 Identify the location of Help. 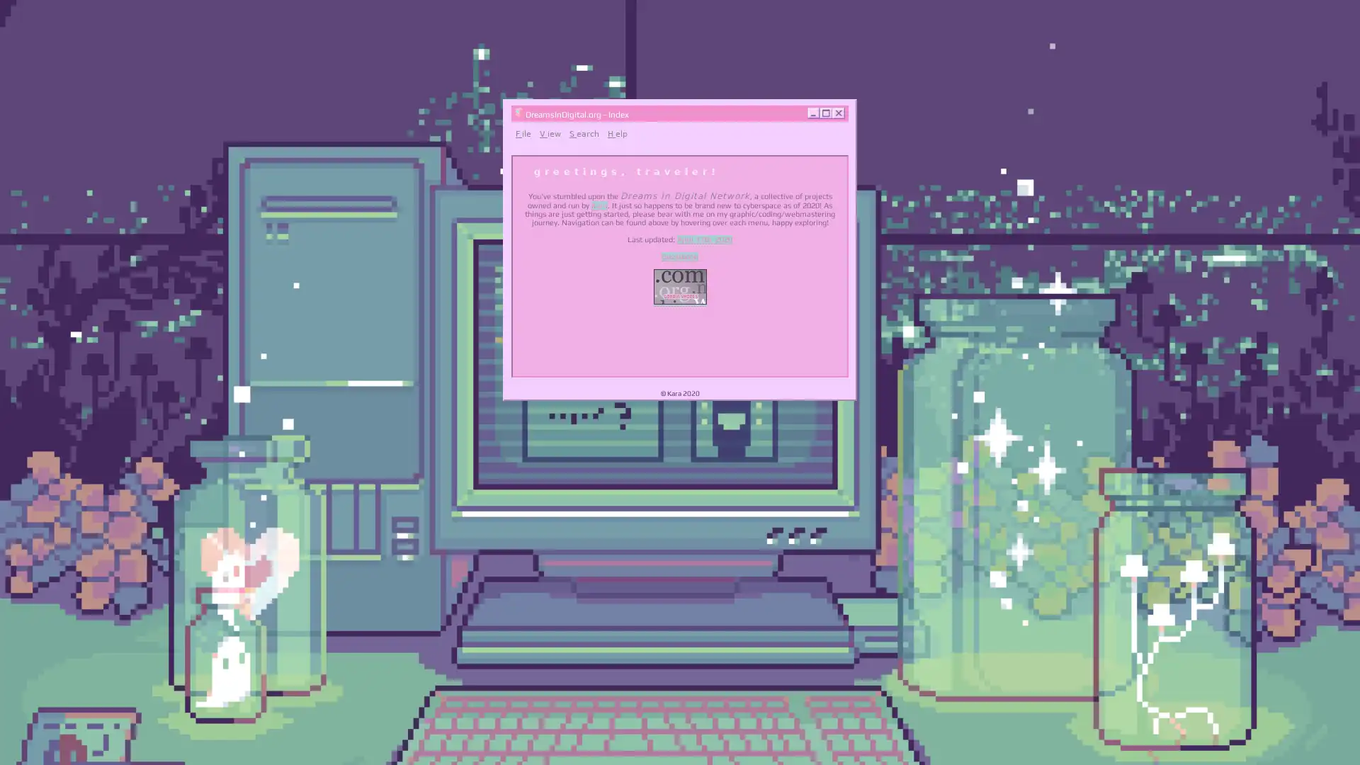
(618, 134).